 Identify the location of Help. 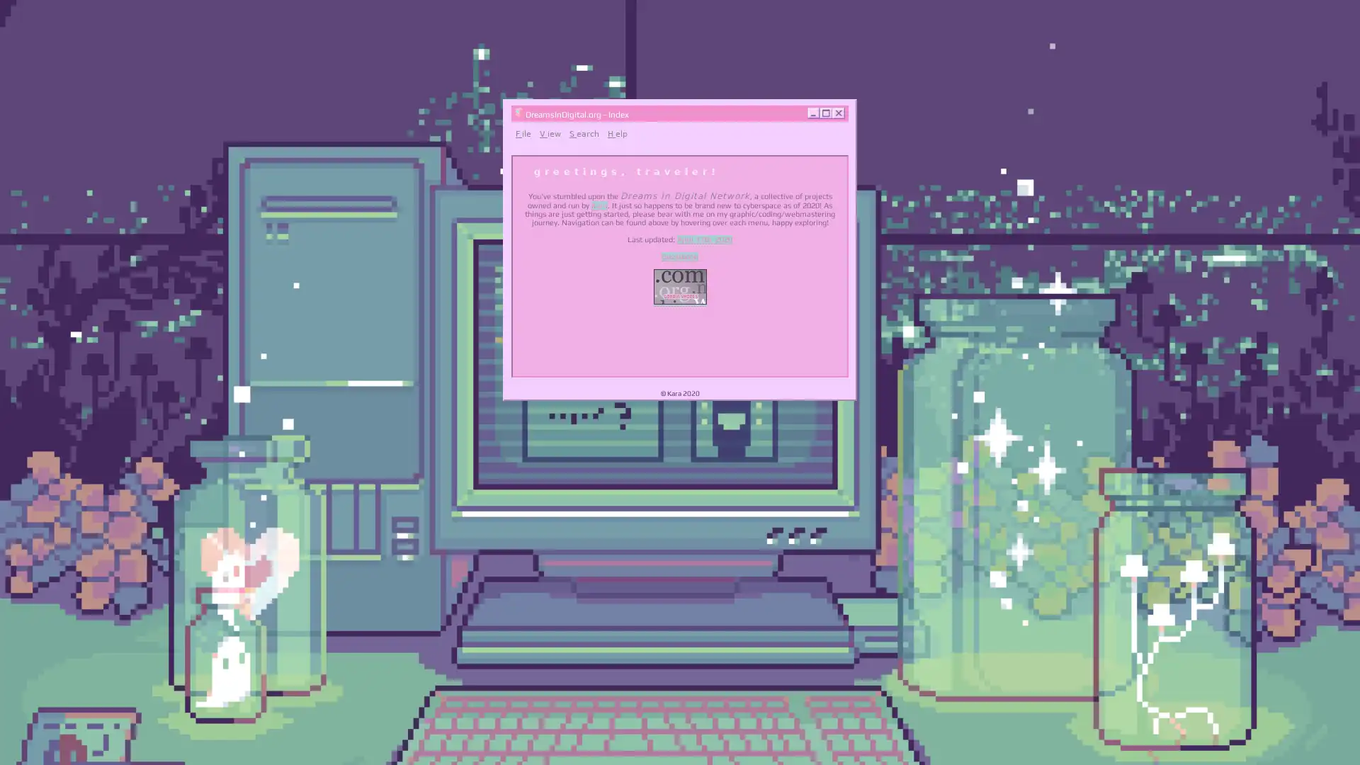
(618, 134).